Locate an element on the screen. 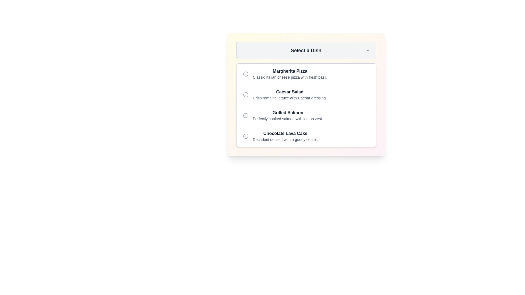 The height and width of the screenshot is (295, 525). description text 'Decadent dessert with a gooey center.' displayed in a small gray font beneath the 'Chocolate Lava Cake' title, which is the fourth item in the 'Select a Dish' section is located at coordinates (285, 139).